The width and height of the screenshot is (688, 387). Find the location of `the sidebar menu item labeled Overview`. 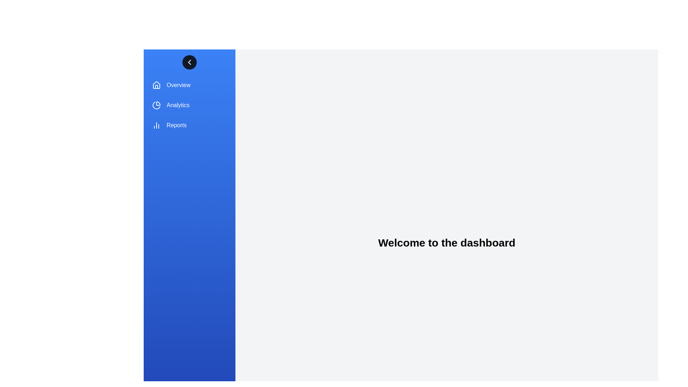

the sidebar menu item labeled Overview is located at coordinates (189, 85).